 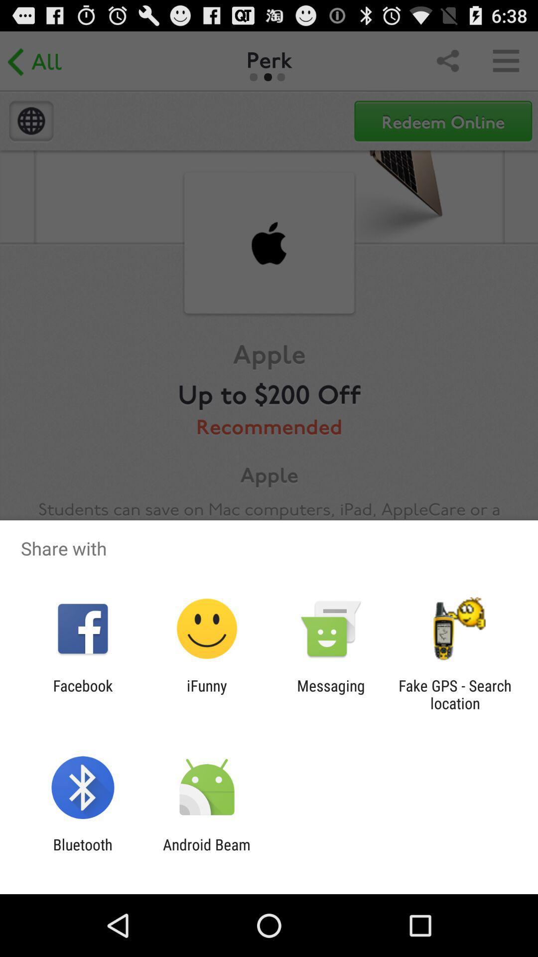 I want to click on app next to the bluetooth app, so click(x=206, y=853).